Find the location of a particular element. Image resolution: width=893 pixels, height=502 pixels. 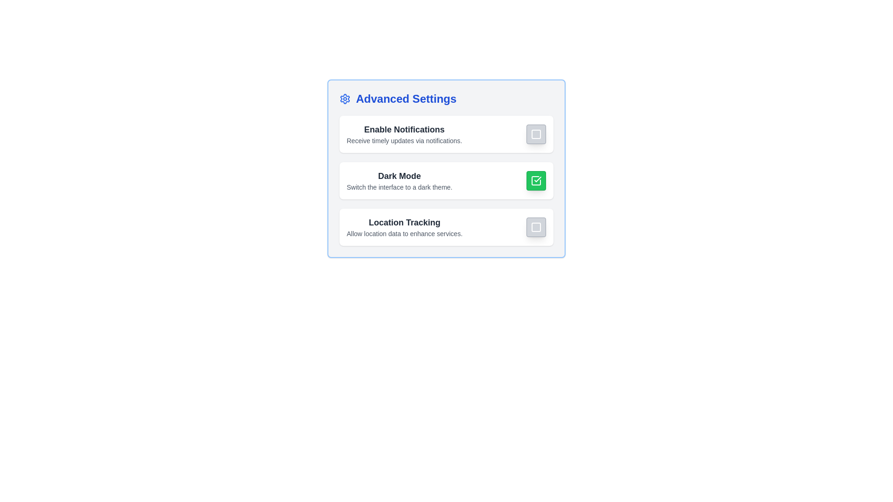

the Informational card about enabling notifications, which contains a brief description and an interactive button, positioned above the 'Dark Mode' and 'Location Tracking' cards in the 'Advanced Settings' section is located at coordinates (446, 134).